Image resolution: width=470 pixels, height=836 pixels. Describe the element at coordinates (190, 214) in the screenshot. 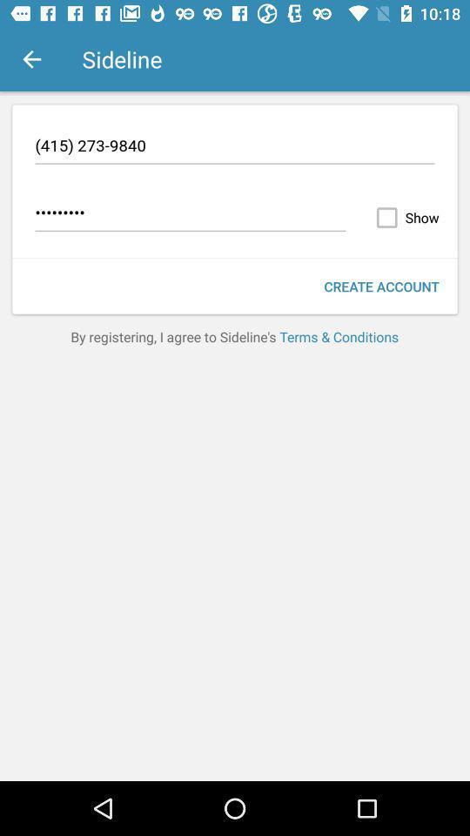

I see `crowd3116 icon` at that location.